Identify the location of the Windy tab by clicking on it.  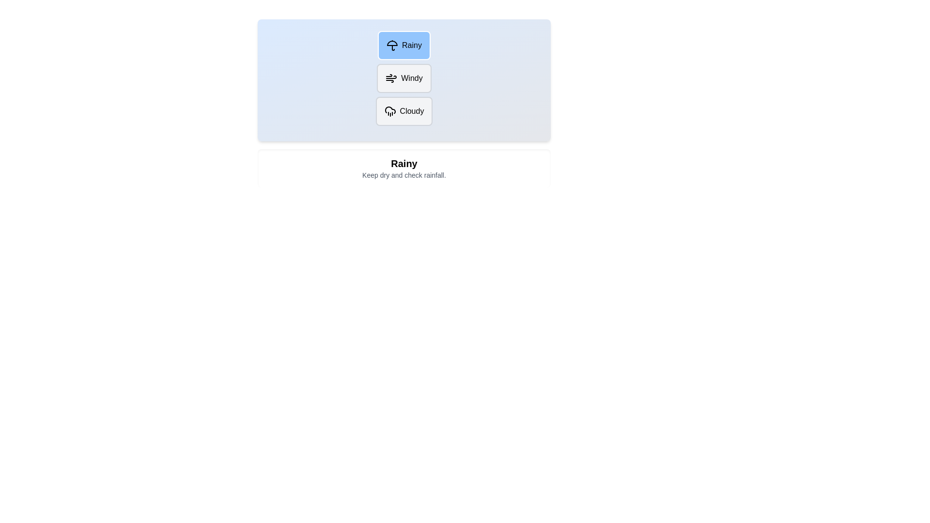
(404, 78).